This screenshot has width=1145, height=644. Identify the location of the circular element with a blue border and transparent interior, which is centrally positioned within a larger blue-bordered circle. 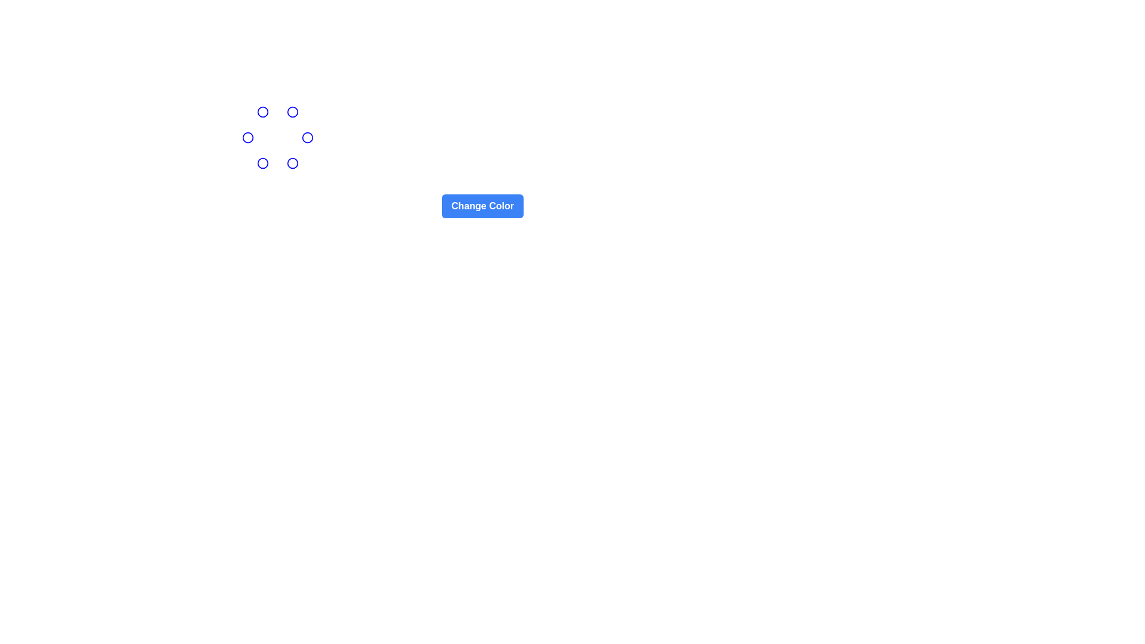
(292, 112).